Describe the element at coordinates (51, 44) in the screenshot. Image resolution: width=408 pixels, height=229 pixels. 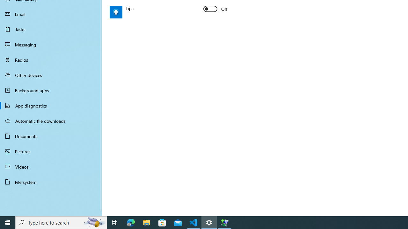
I see `'Messaging'` at that location.